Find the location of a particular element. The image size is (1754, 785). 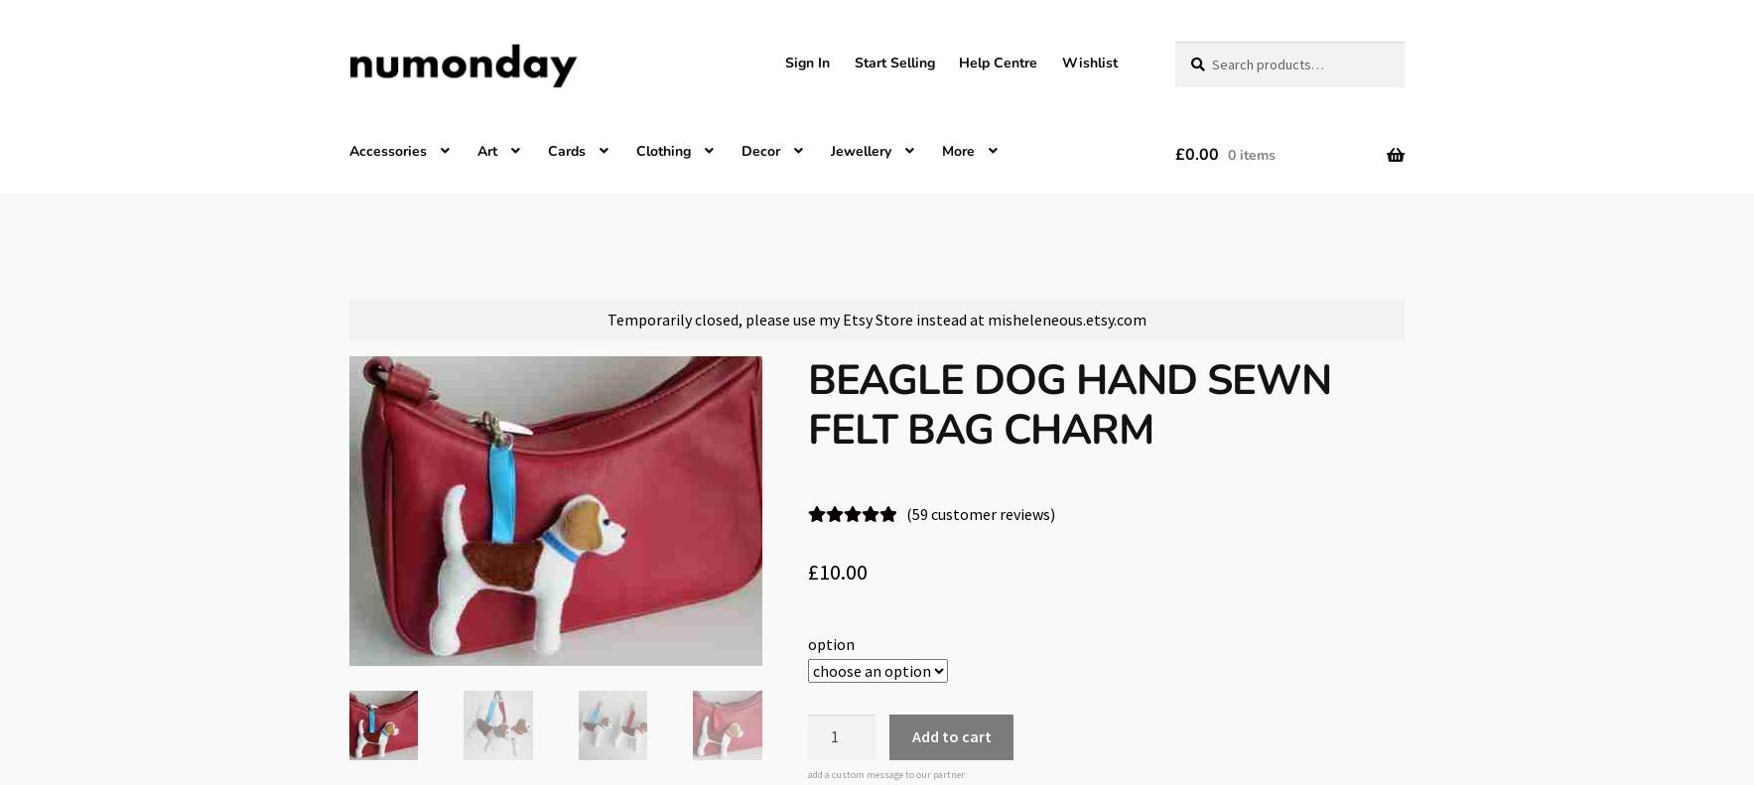

'Add to cart' is located at coordinates (951, 736).